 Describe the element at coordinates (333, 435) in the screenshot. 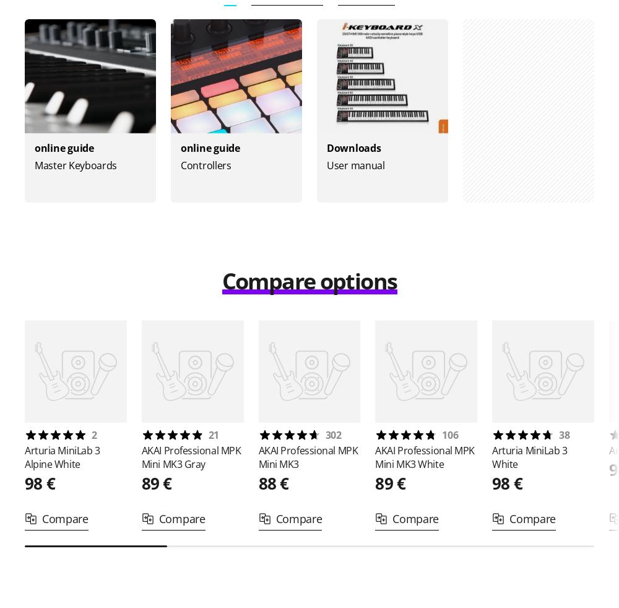

I see `'302'` at that location.